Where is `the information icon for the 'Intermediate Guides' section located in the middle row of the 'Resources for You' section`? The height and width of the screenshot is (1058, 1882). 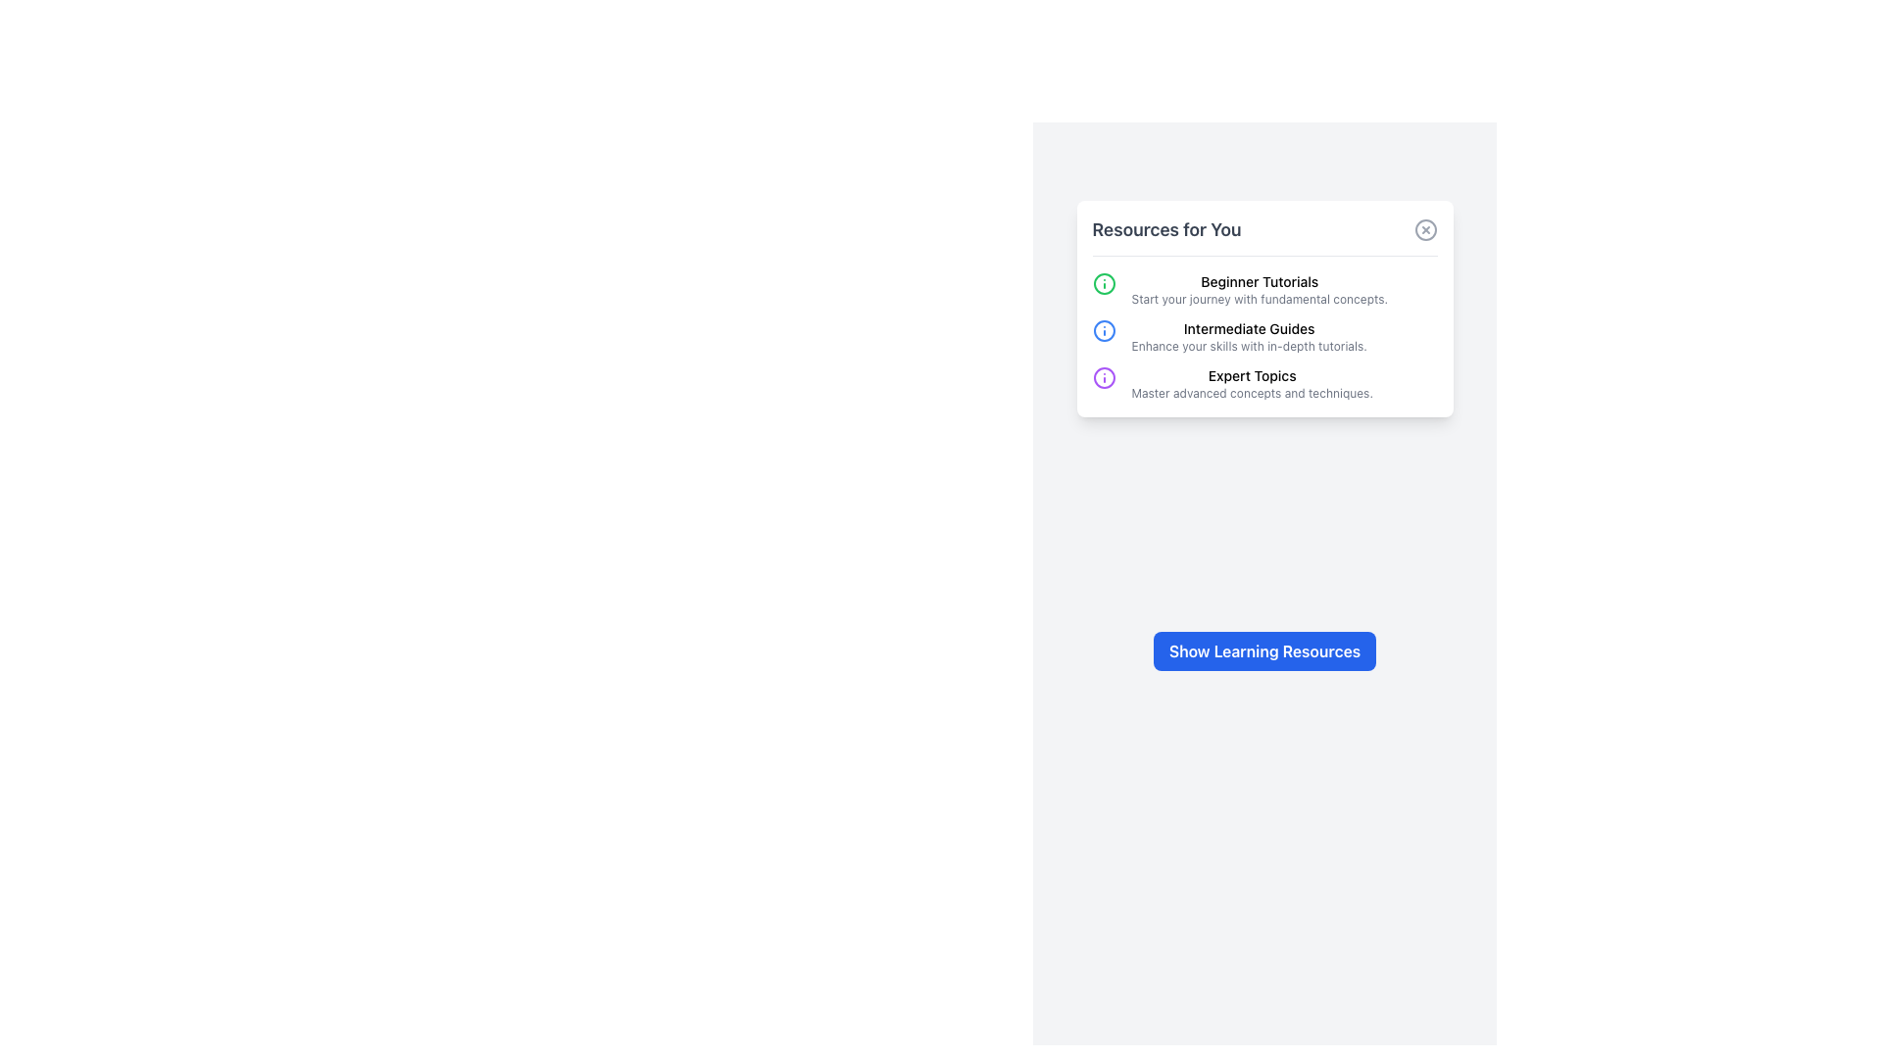 the information icon for the 'Intermediate Guides' section located in the middle row of the 'Resources for You' section is located at coordinates (1104, 330).